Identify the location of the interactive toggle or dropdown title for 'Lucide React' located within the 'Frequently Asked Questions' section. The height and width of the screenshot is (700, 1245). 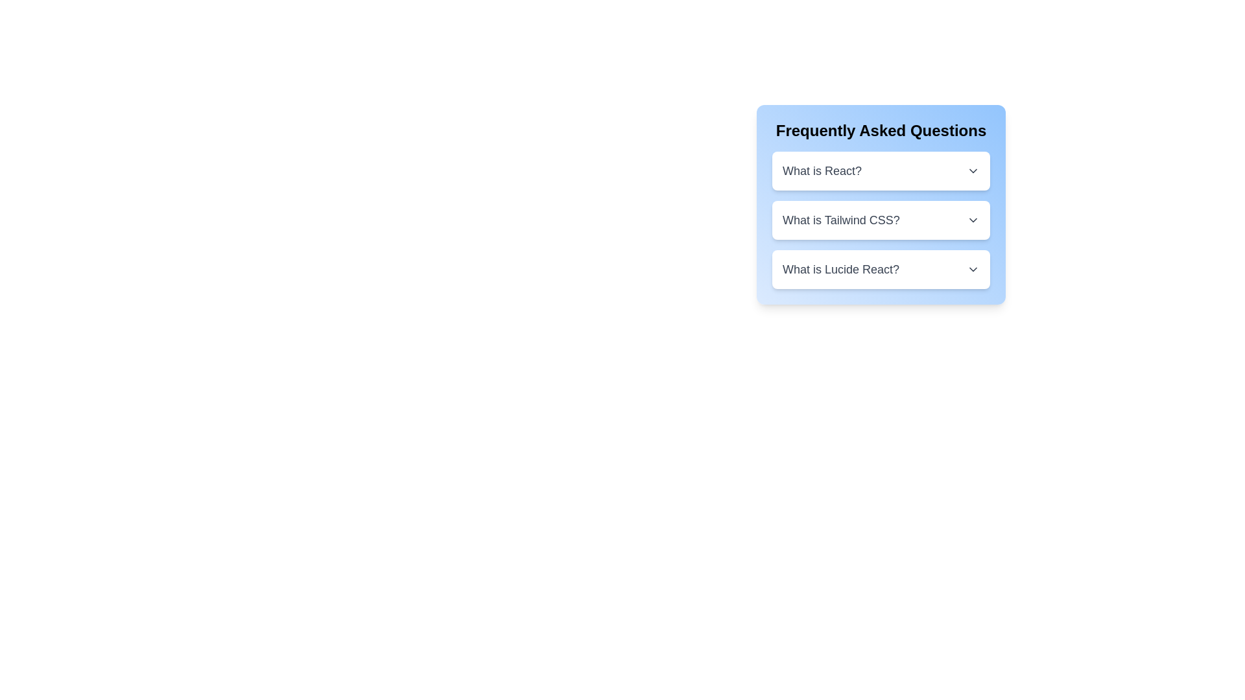
(881, 269).